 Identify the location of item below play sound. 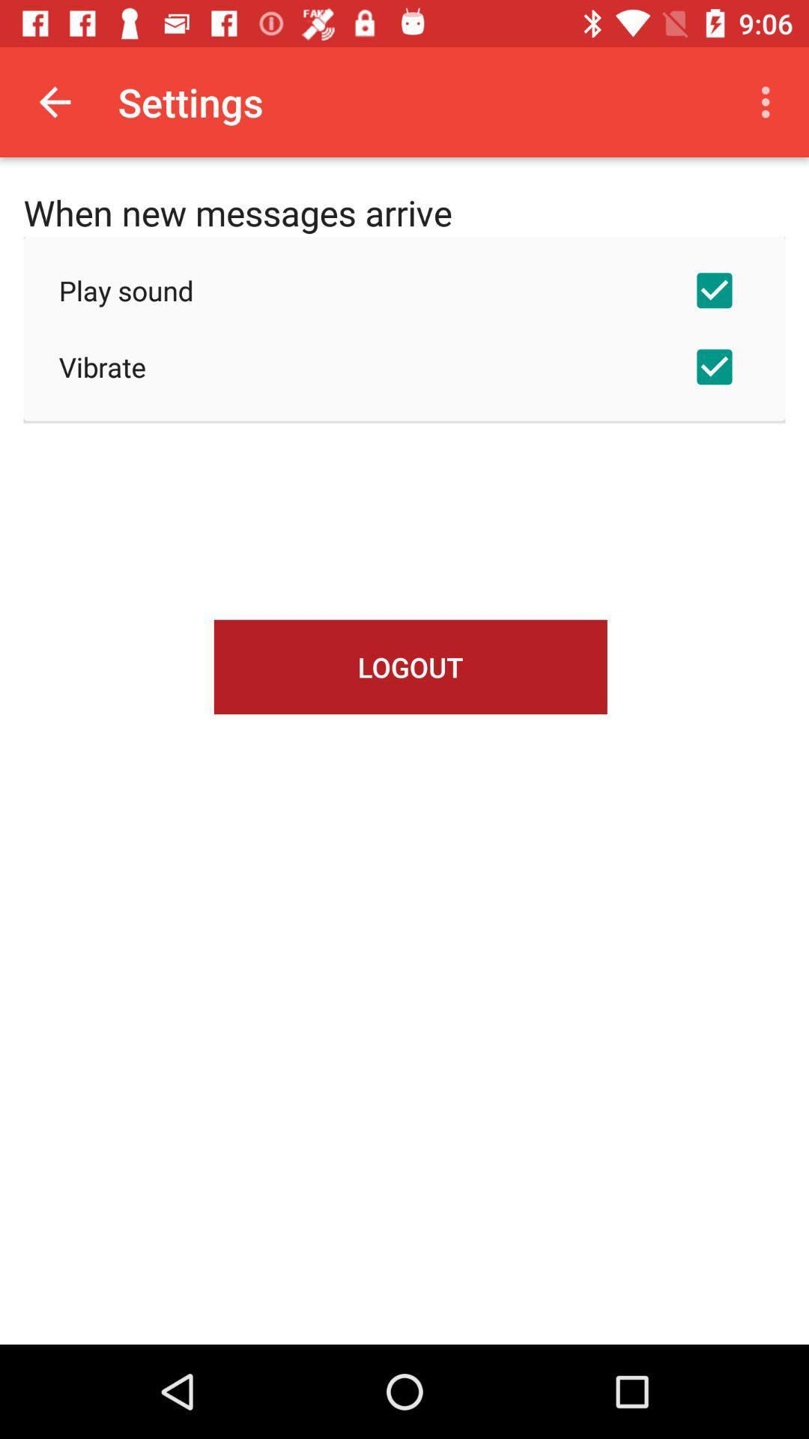
(404, 366).